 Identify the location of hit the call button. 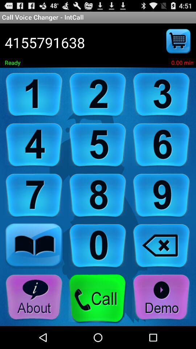
(98, 298).